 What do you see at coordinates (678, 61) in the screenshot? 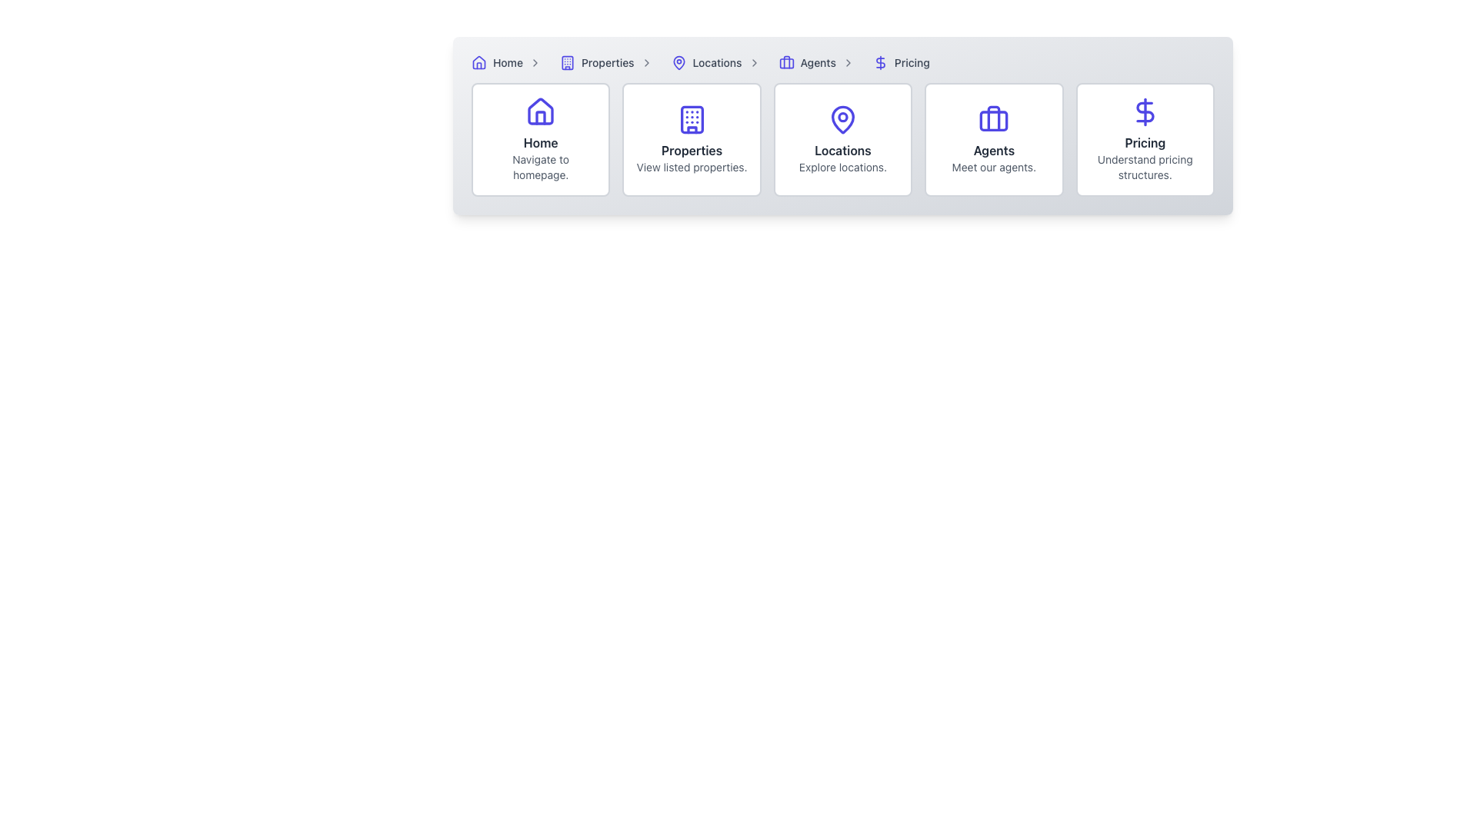
I see `the location marker icon in the breadcrumb navigation, which is positioned between the 'Properties' and 'Agents' segments` at bounding box center [678, 61].